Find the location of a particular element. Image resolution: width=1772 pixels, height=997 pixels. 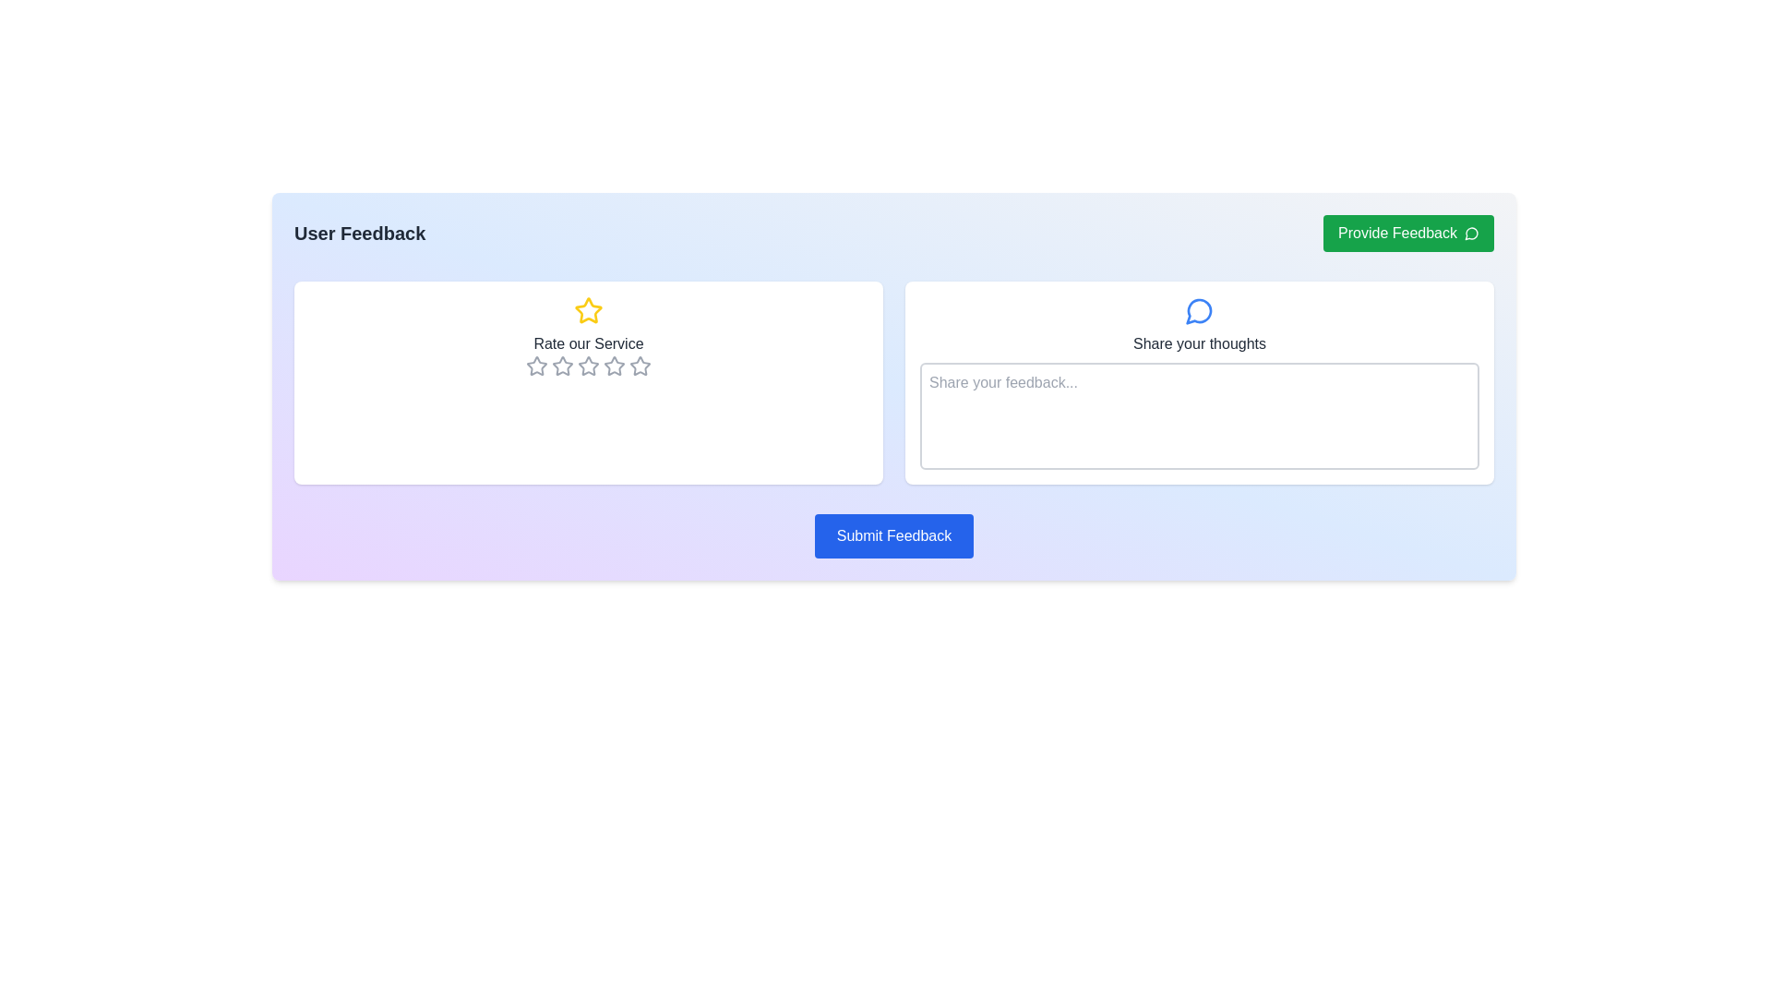

the first star-shaped rating icon with a thin gray outline is located at coordinates (535, 366).